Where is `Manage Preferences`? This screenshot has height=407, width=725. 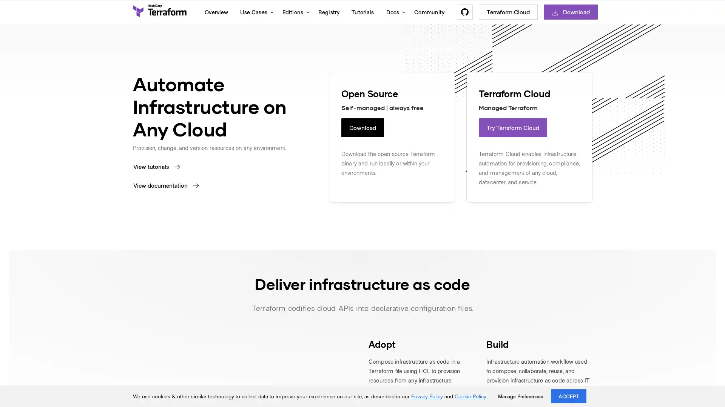
Manage Preferences is located at coordinates (520, 396).